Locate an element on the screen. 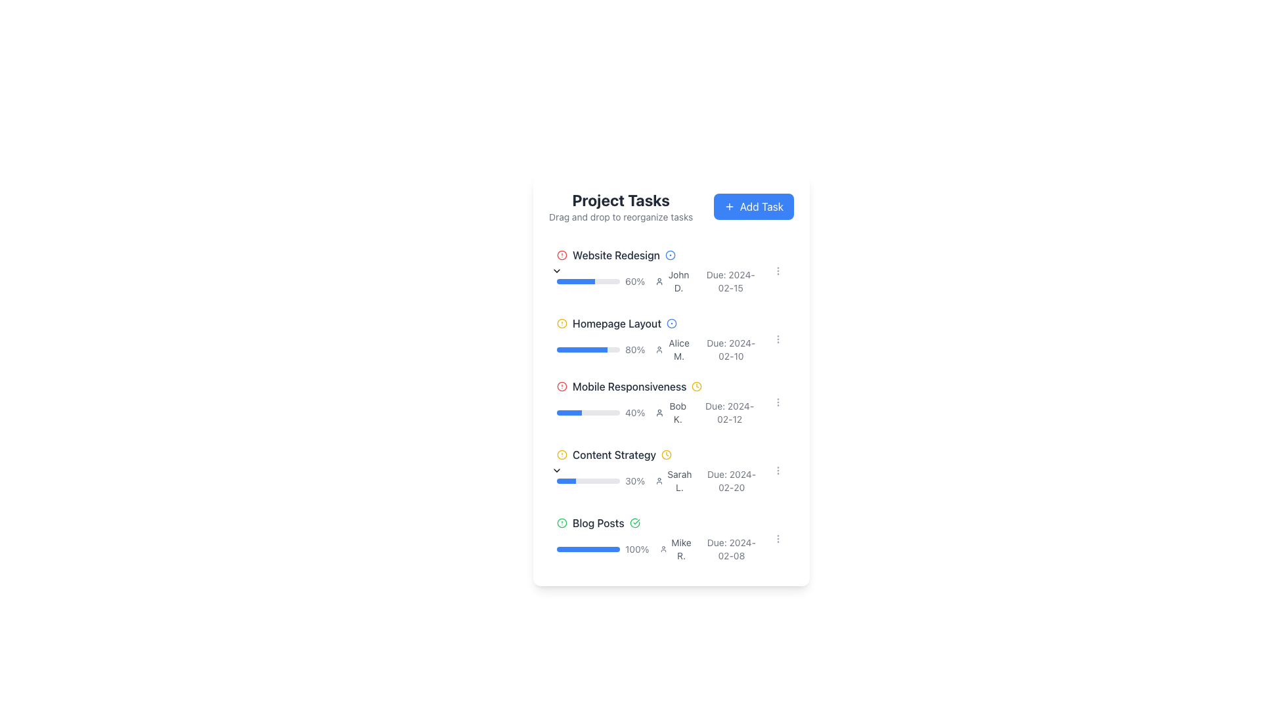  the static text label displaying the deadline 'Due: 2024-02-15', which is styled in gray sans-serif font and located to the right of 'John D.' is located at coordinates (730, 280).